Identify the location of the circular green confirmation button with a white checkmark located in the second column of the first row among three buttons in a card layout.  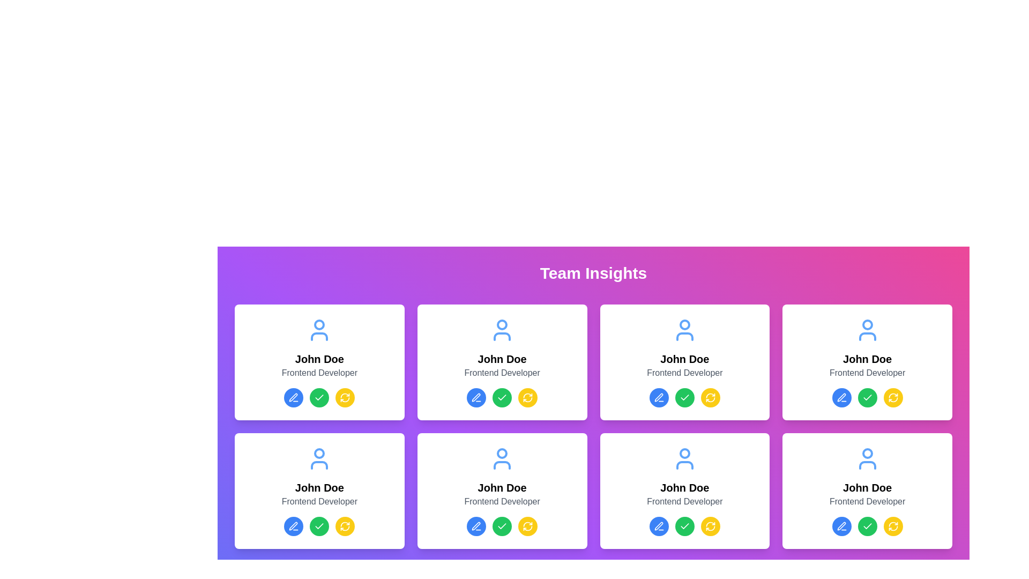
(501, 397).